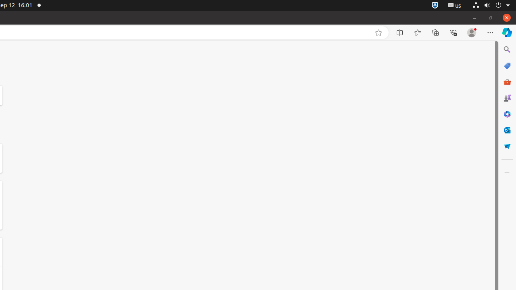  I want to click on ':1.72/StatusNotifierItem', so click(435, 5).